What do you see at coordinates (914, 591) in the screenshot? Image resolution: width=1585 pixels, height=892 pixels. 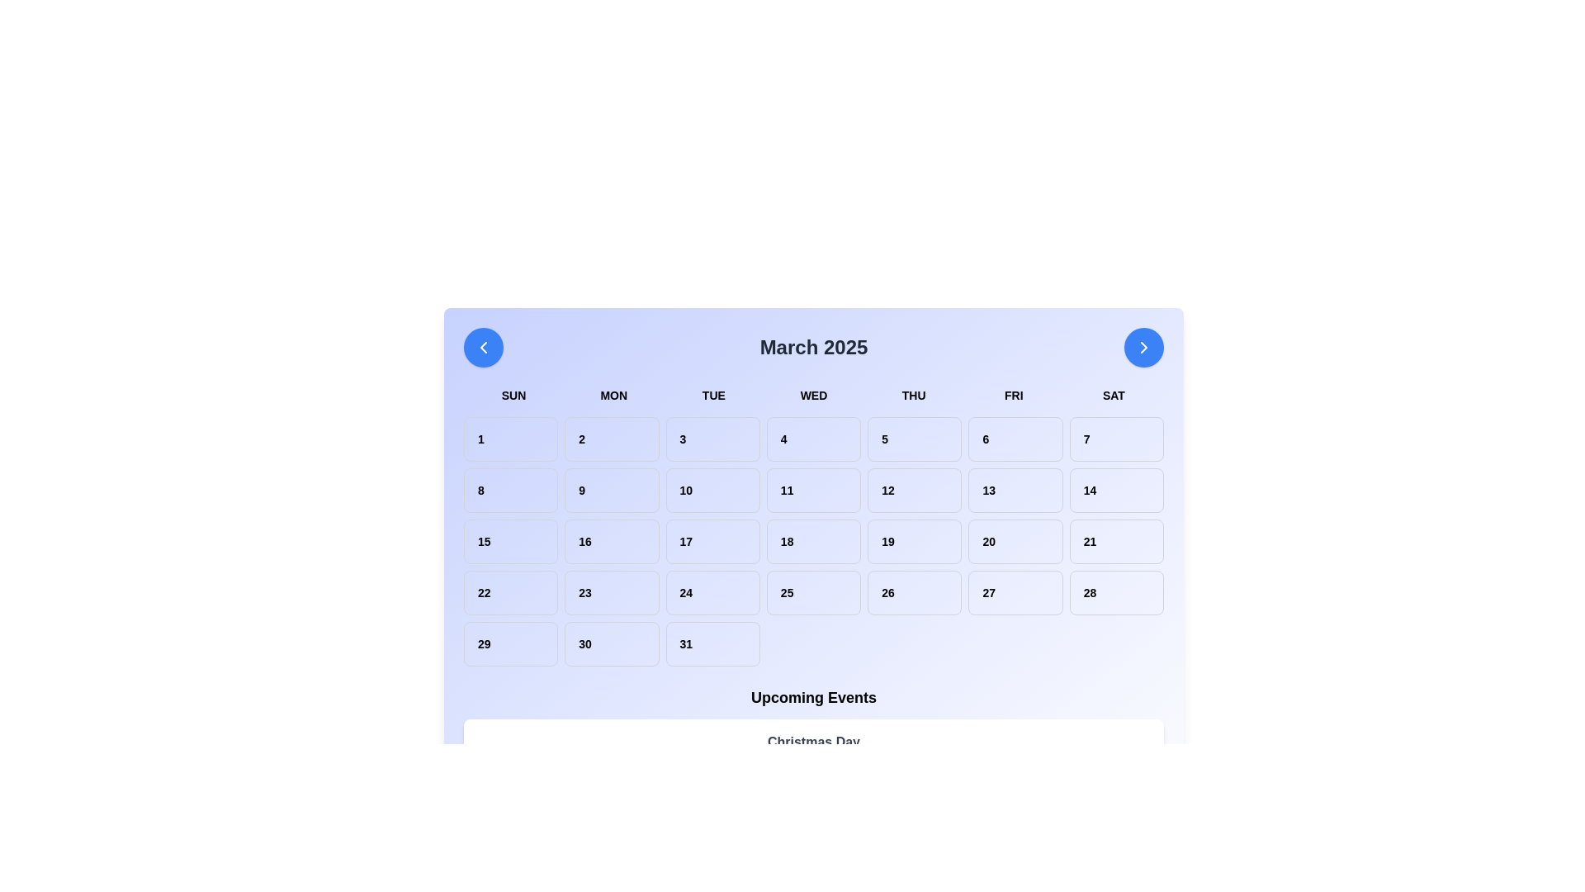 I see `the calendar date button representing the date '26'` at bounding box center [914, 591].